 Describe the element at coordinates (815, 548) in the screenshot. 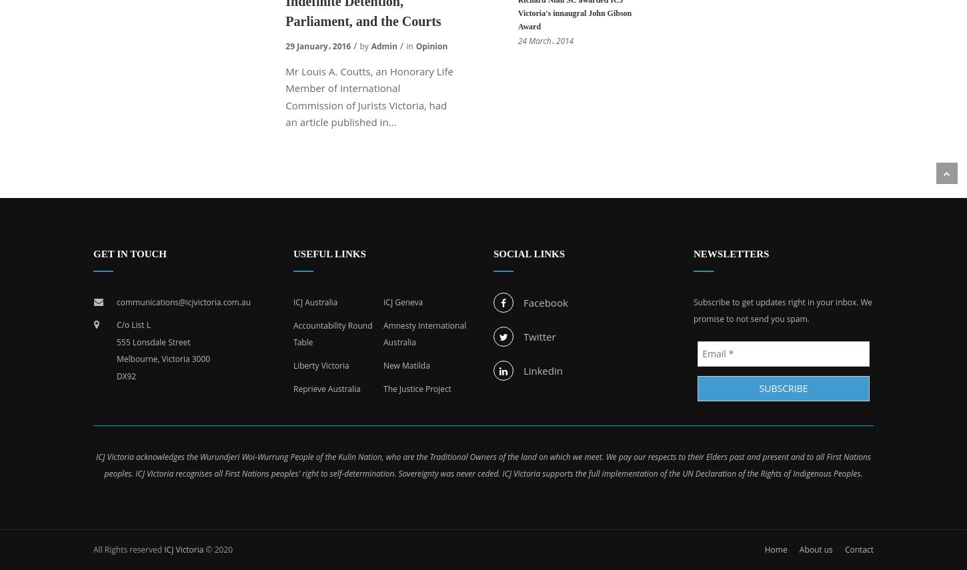

I see `'About us'` at that location.